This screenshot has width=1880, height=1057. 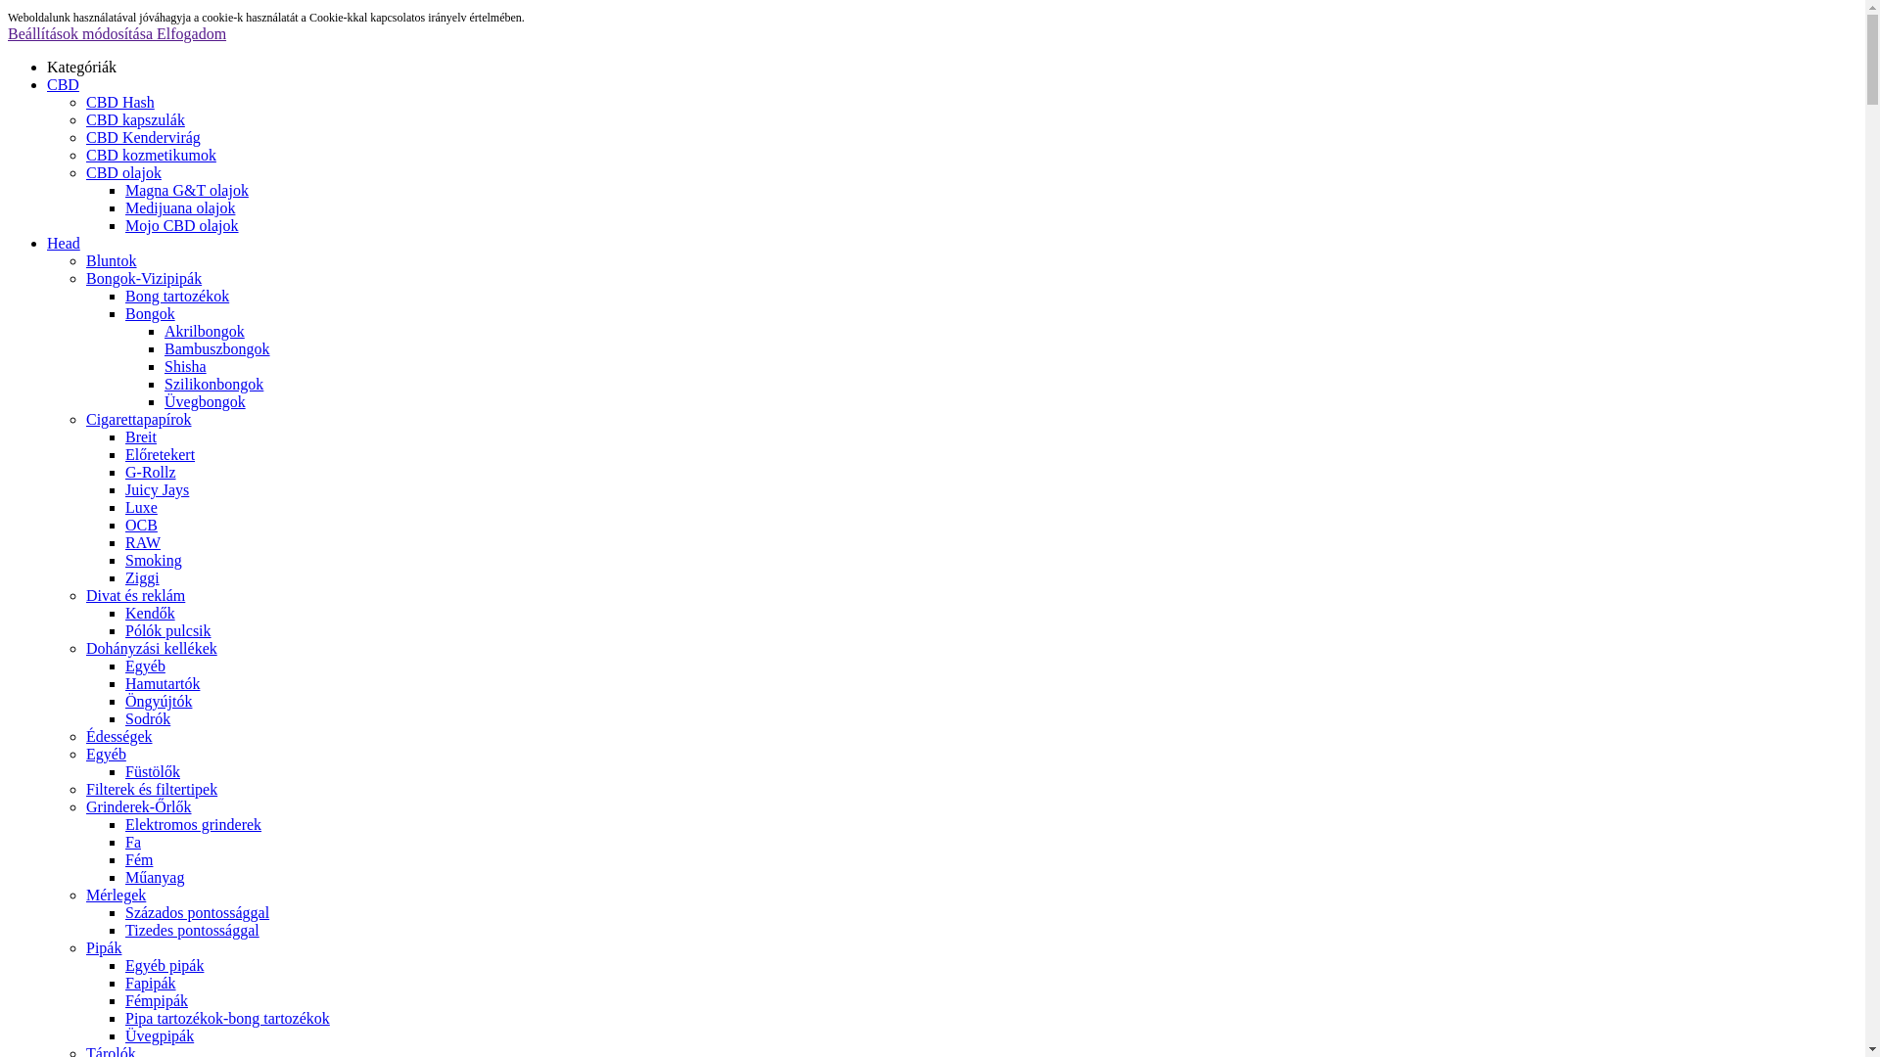 I want to click on 'CBD kozmetikumok', so click(x=84, y=154).